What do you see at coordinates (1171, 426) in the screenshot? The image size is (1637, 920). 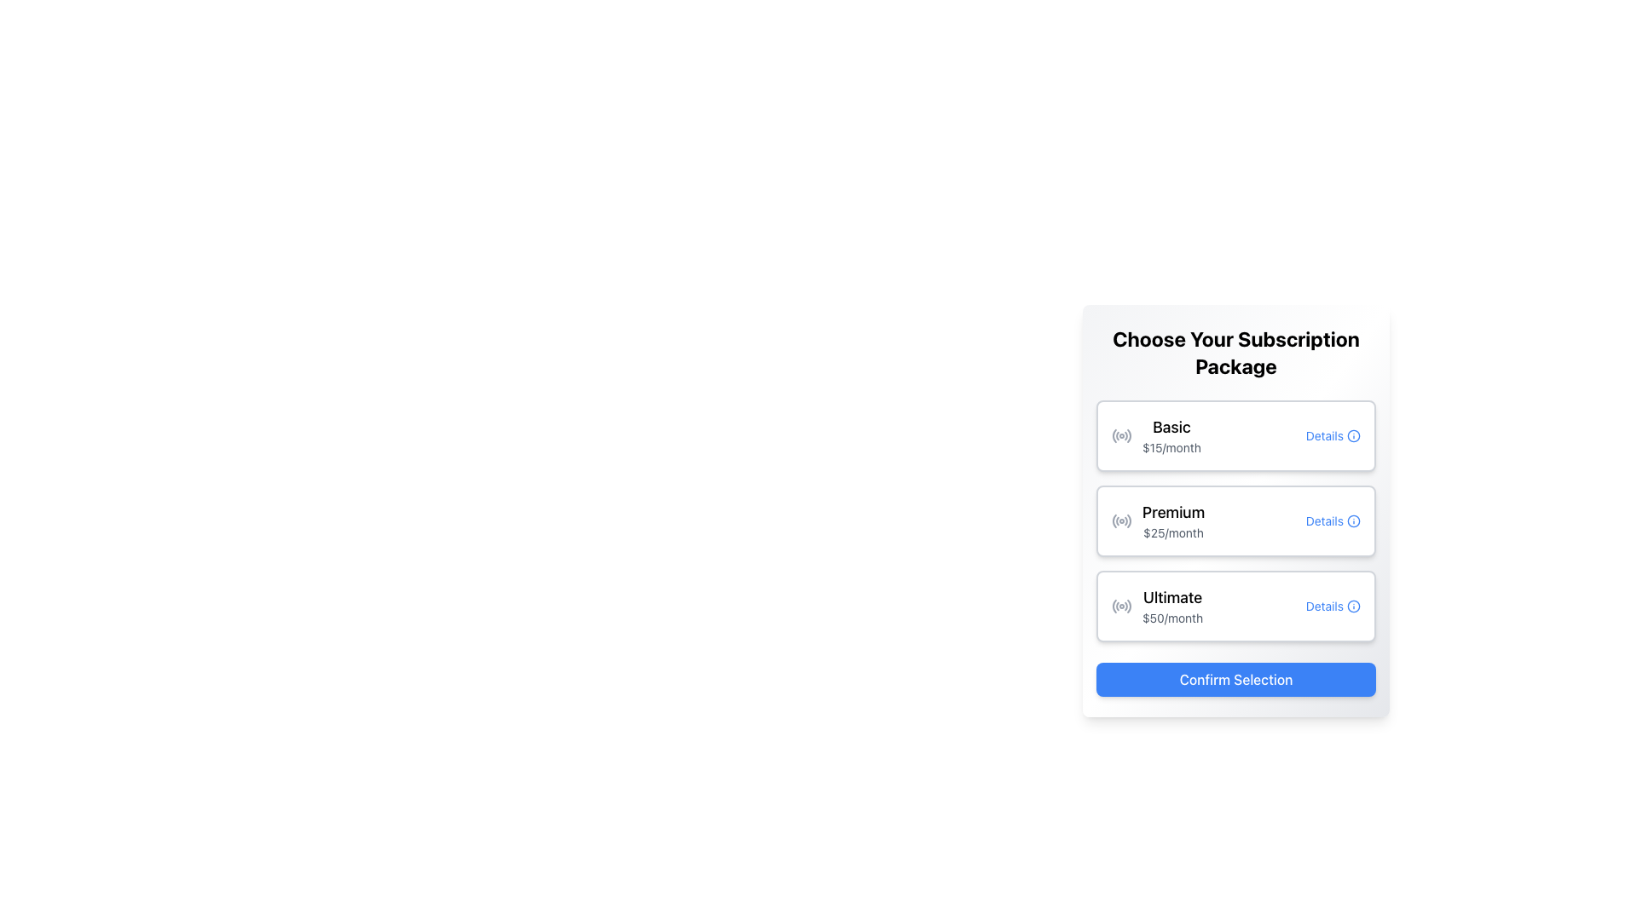 I see `the bold text labeled 'Basic' which is the first element in the subscription options list` at bounding box center [1171, 426].